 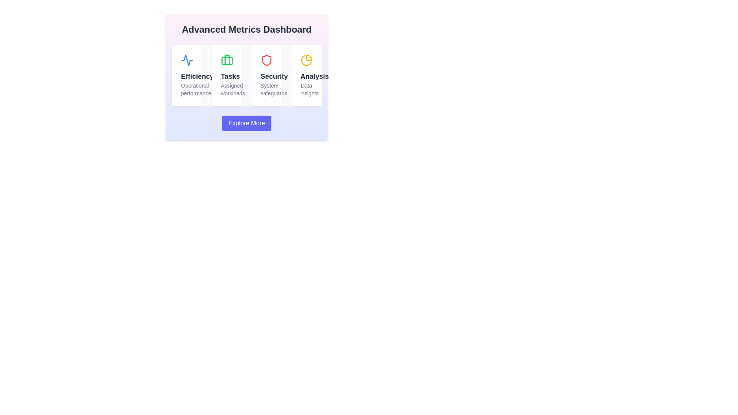 I want to click on the bold 'Analysis' text label, which is rendered in a darker gray shade and is centrally positioned above the 'Data insights' text, so click(x=306, y=76).